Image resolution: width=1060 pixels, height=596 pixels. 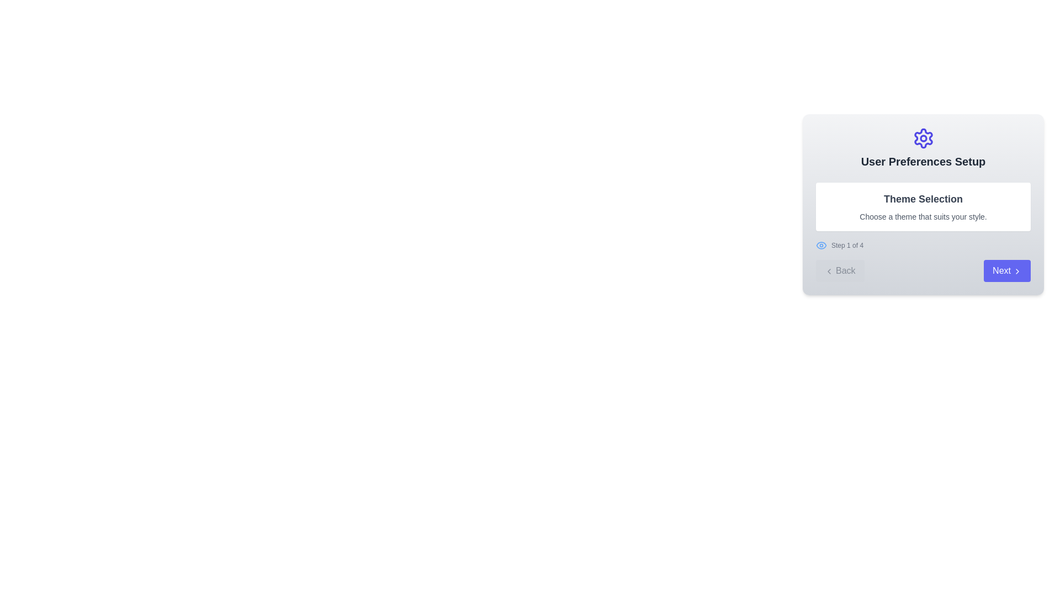 What do you see at coordinates (839, 270) in the screenshot?
I see `the 'Back' button located at the bottom-left corner of the 'User Preferences Setup' panel` at bounding box center [839, 270].